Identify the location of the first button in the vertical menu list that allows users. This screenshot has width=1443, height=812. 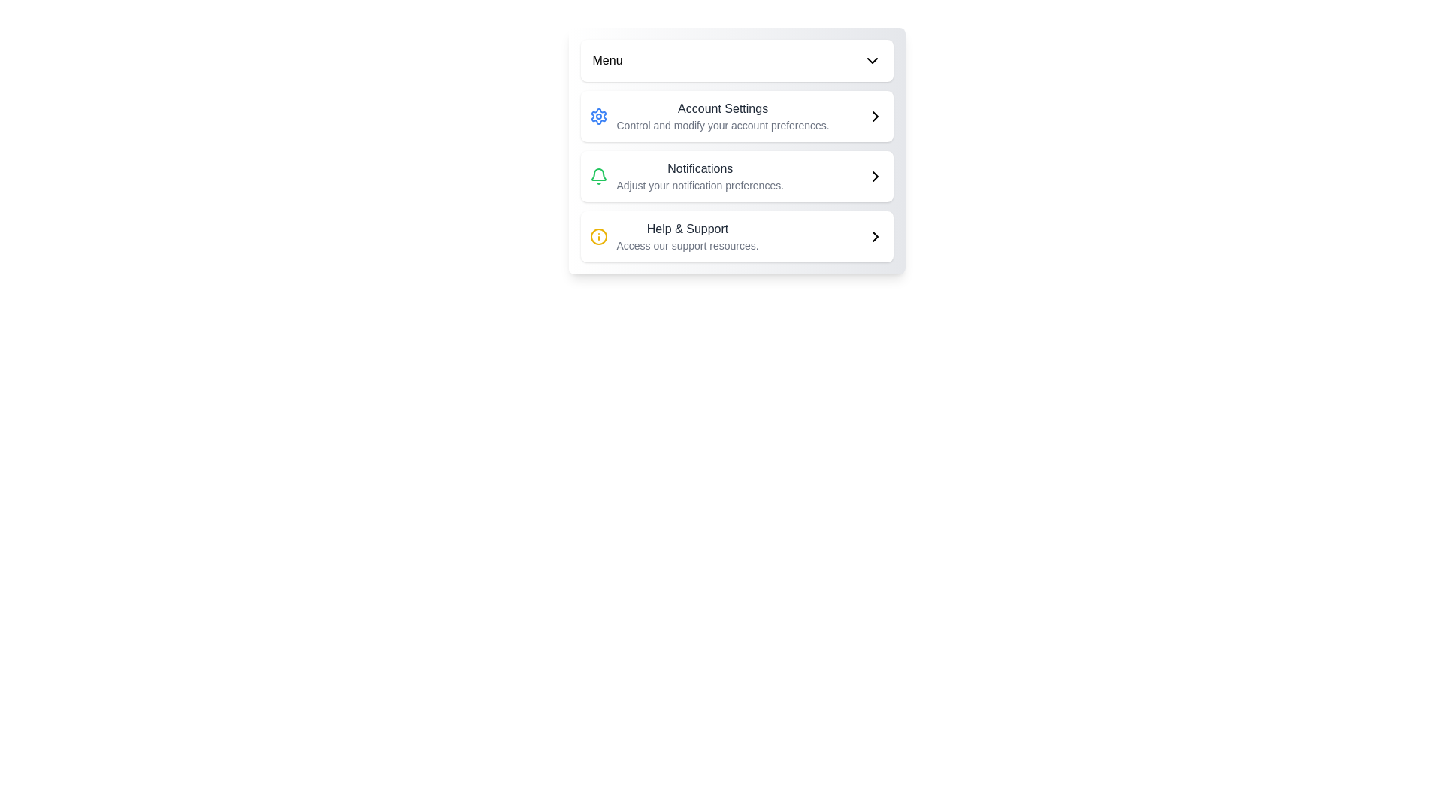
(709, 115).